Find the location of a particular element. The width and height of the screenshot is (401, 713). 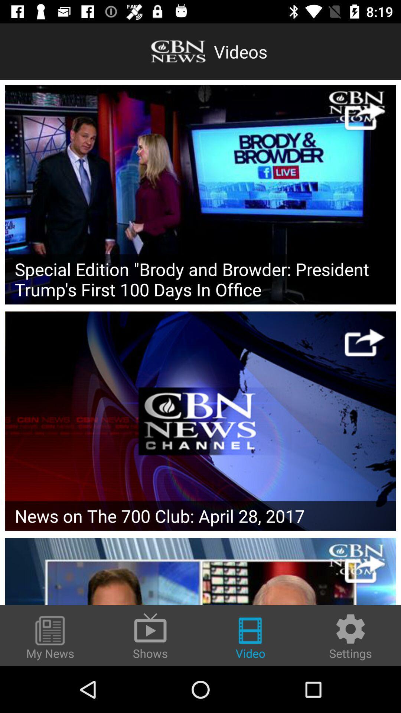

icon at the bottom left corner is located at coordinates (50, 638).